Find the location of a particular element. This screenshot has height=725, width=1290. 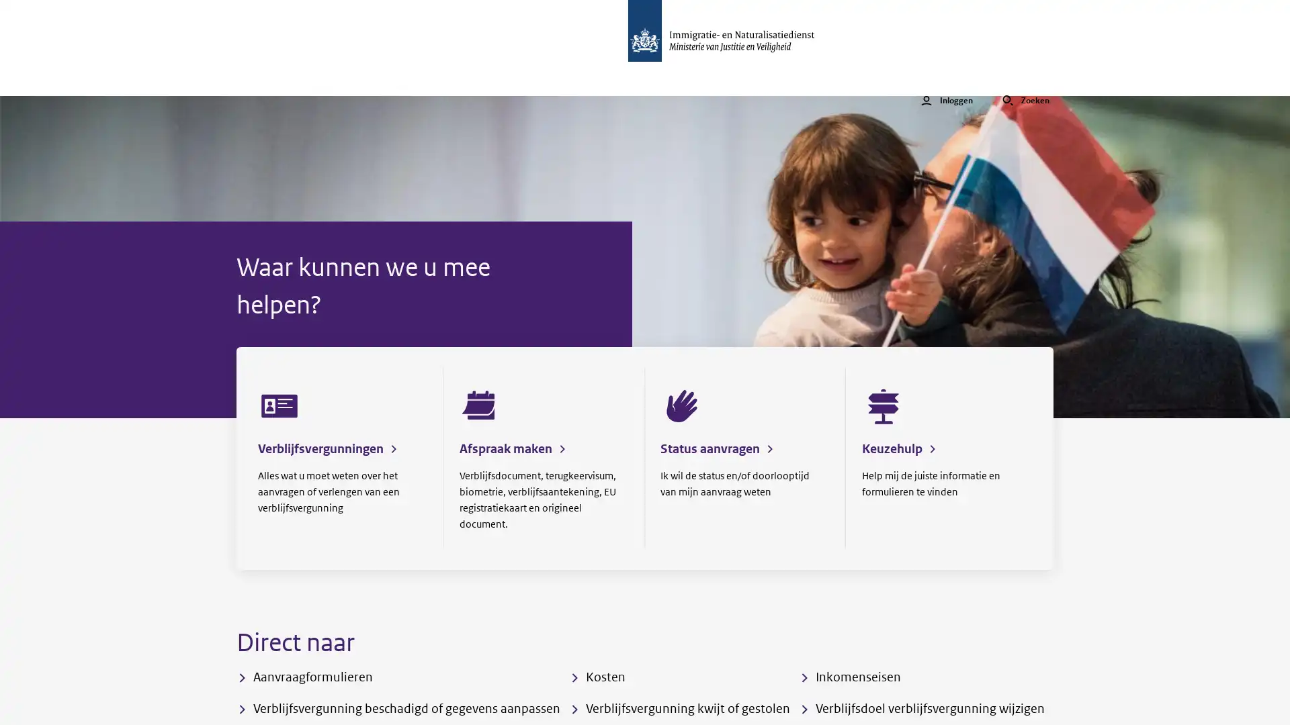

1 Zoeken is located at coordinates (1025, 79).